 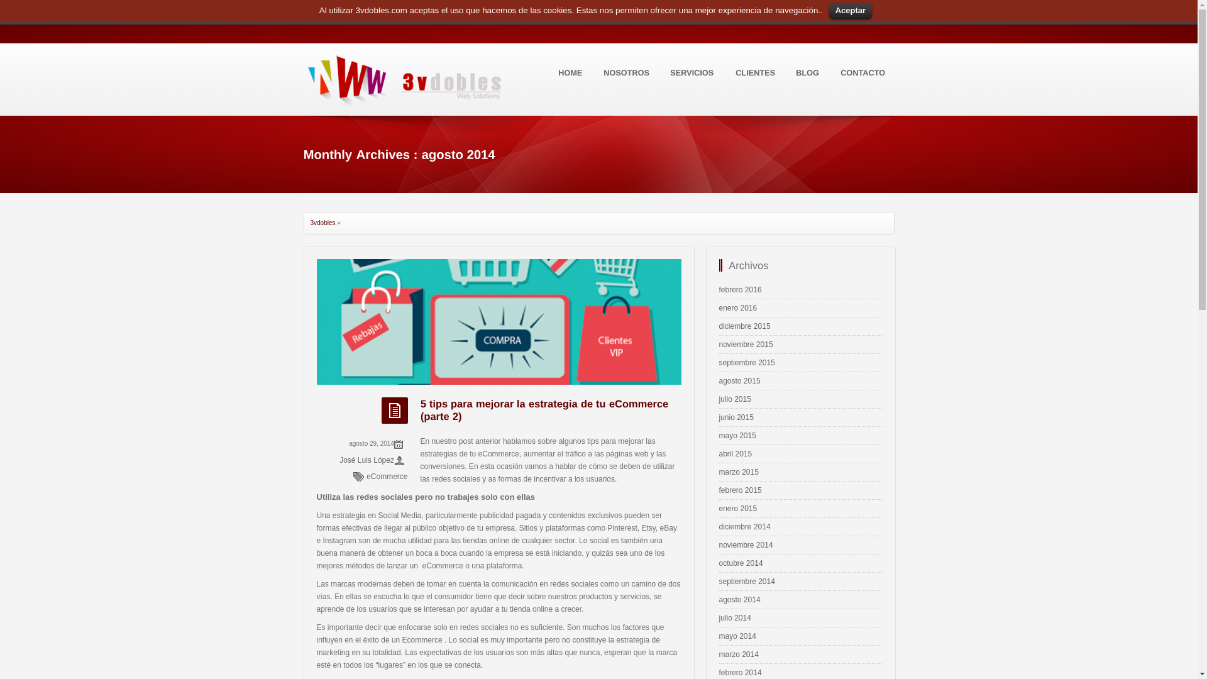 What do you see at coordinates (719, 562) in the screenshot?
I see `'octubre 2014'` at bounding box center [719, 562].